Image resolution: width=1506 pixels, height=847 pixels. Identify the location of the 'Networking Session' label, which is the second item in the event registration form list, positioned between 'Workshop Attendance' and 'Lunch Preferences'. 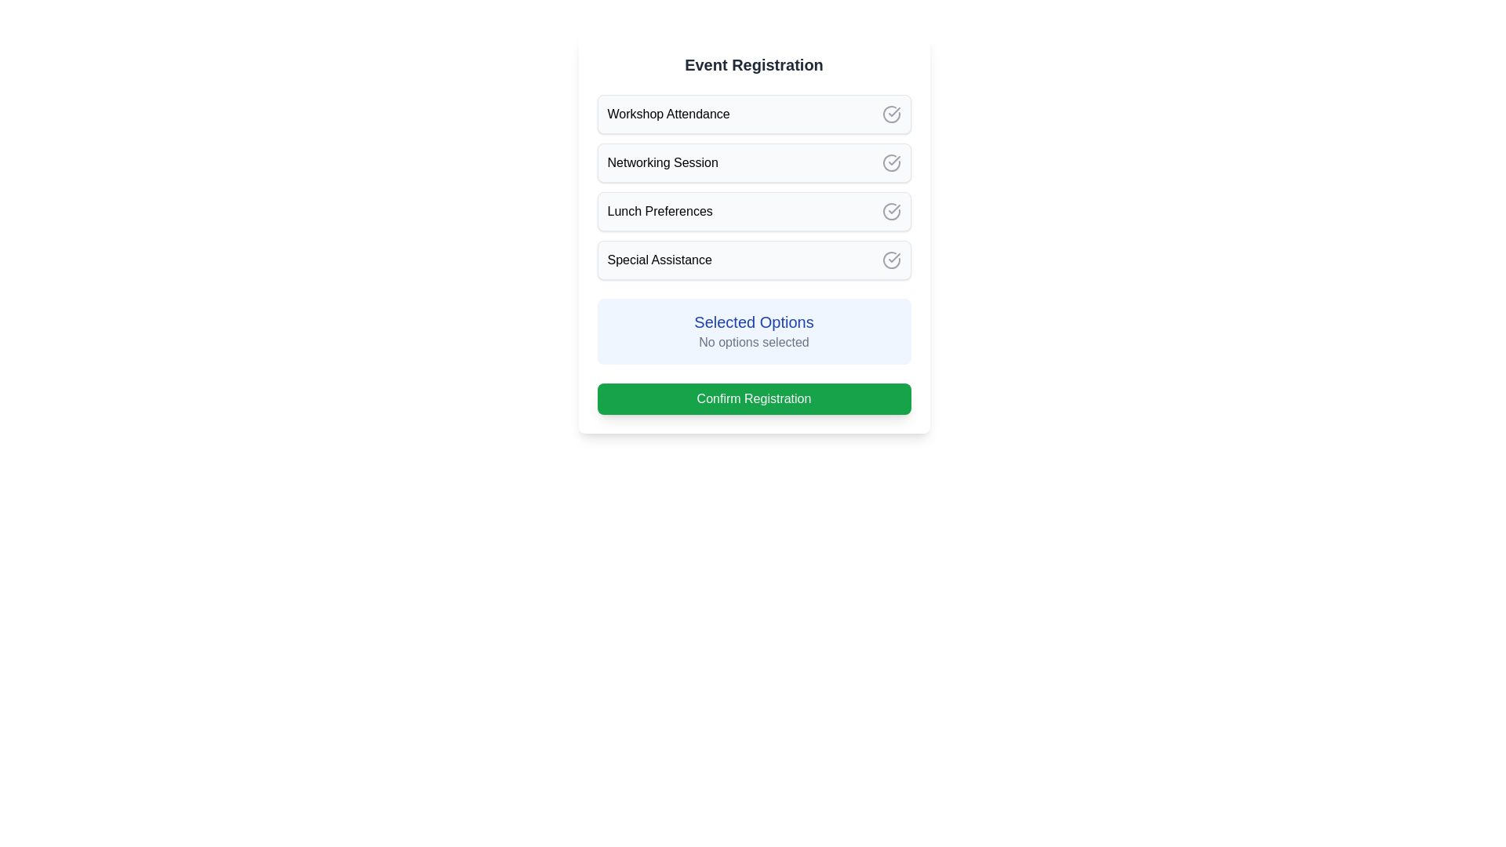
(663, 163).